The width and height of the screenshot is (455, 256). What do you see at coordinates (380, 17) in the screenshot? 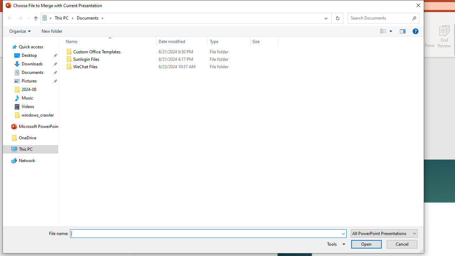
I see `'Search Box'` at bounding box center [380, 17].